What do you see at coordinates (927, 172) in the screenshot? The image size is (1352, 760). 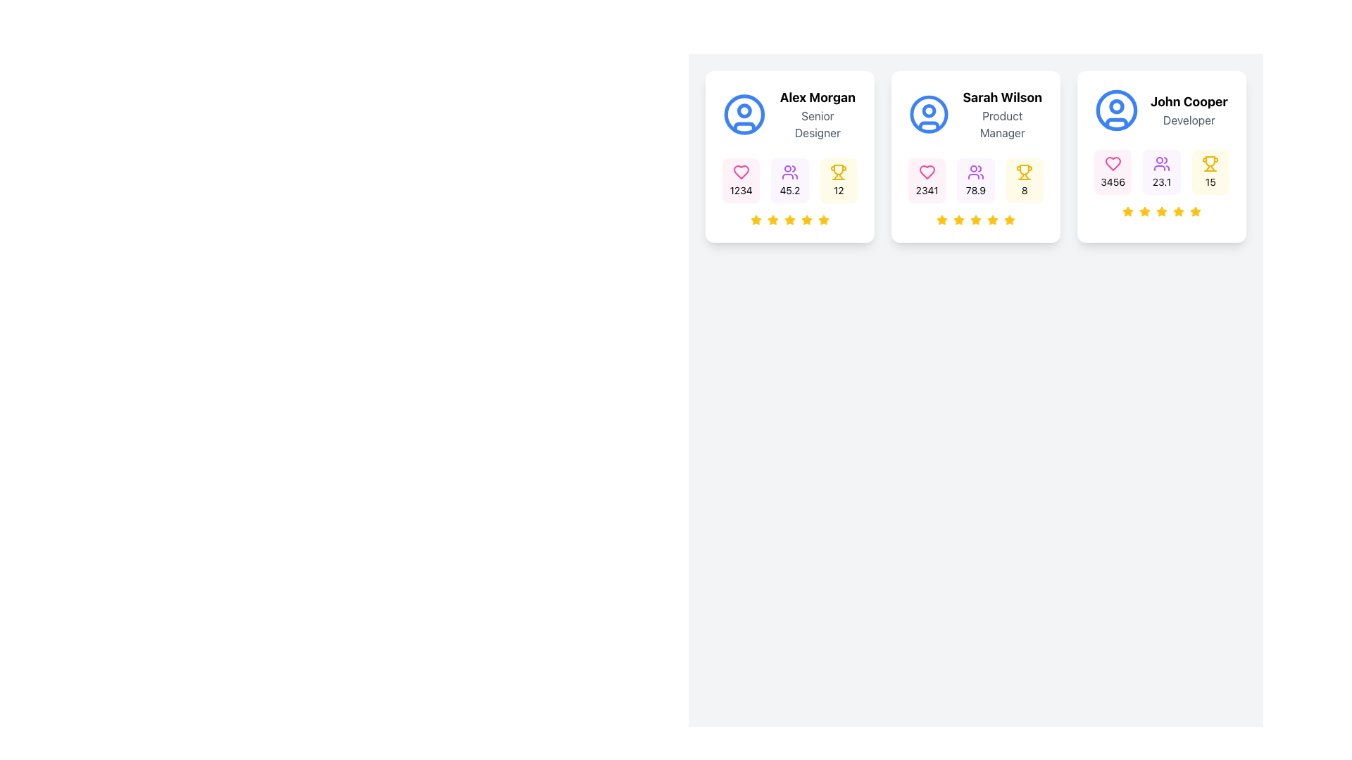 I see `the heart-shaped icon with a pink outline, representing likes or favorites, located beneath the profile of 'Sarah Wilson'` at bounding box center [927, 172].